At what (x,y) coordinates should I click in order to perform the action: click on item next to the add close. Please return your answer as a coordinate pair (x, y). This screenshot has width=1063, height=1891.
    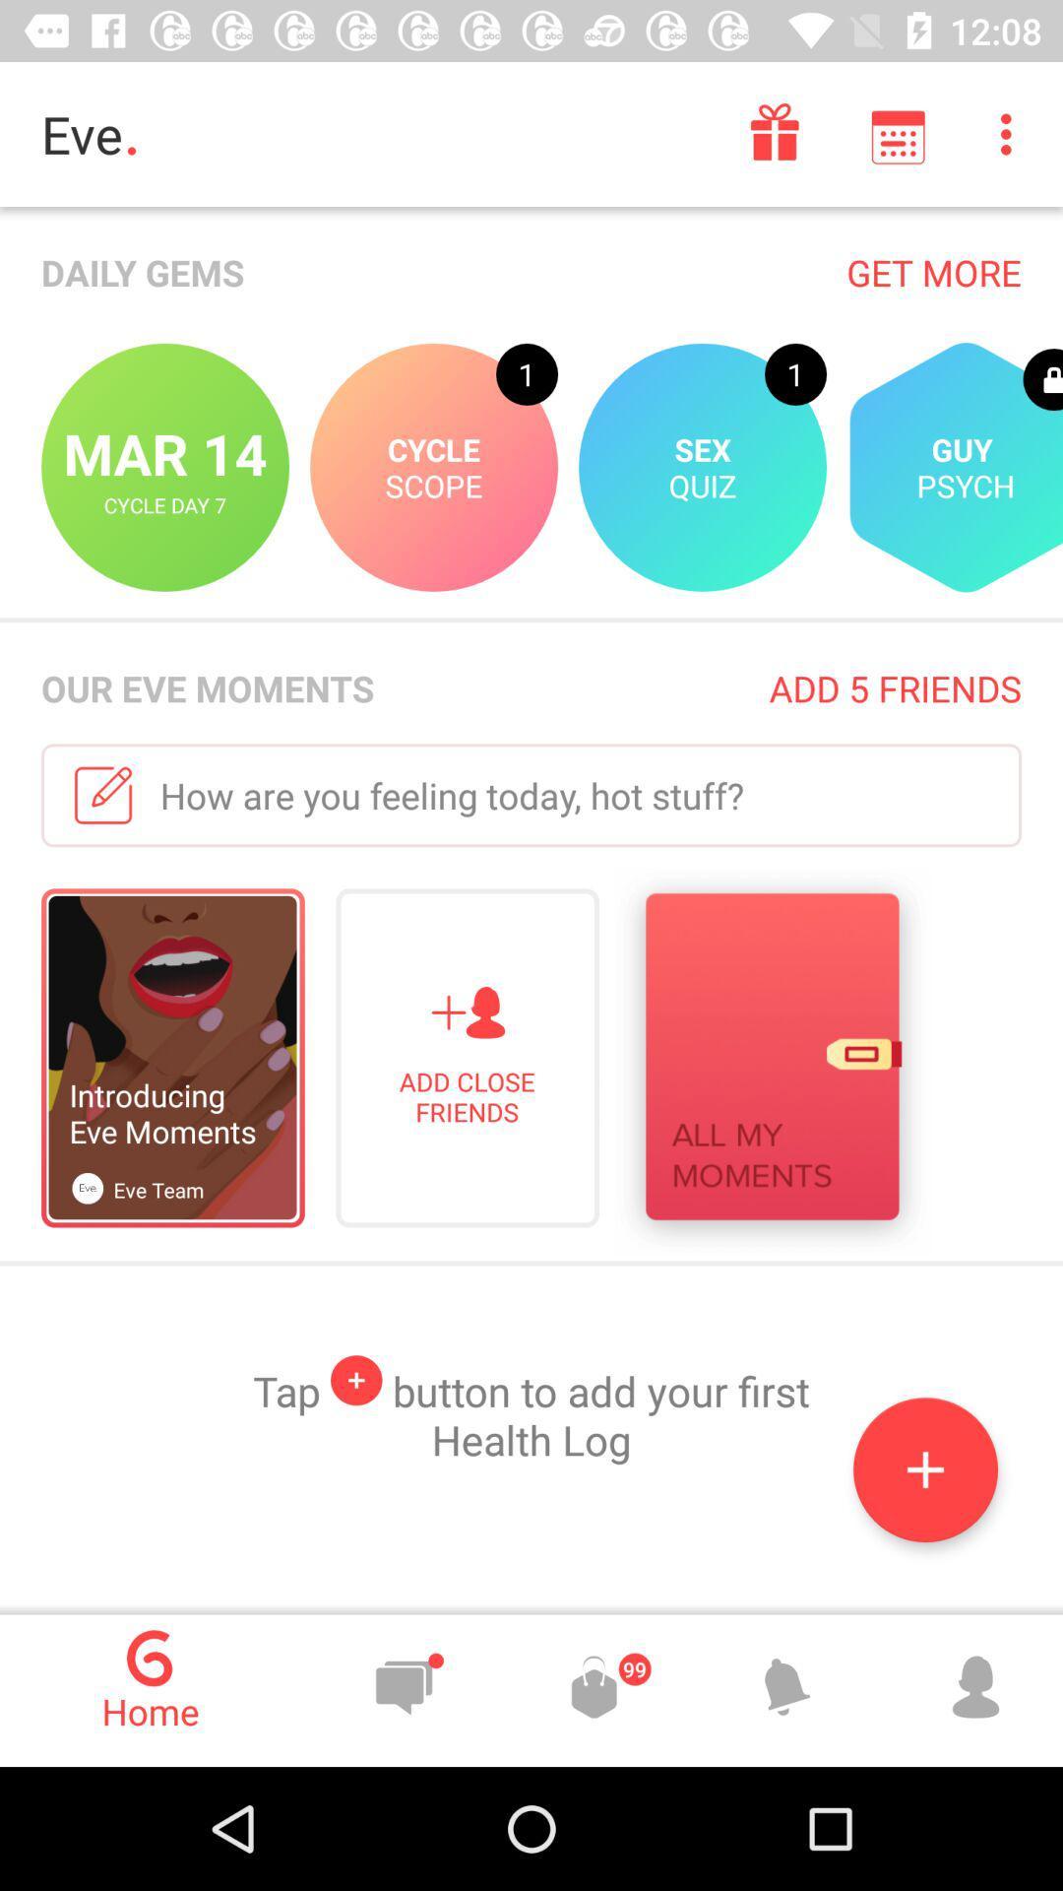
    Looking at the image, I should click on (771, 1061).